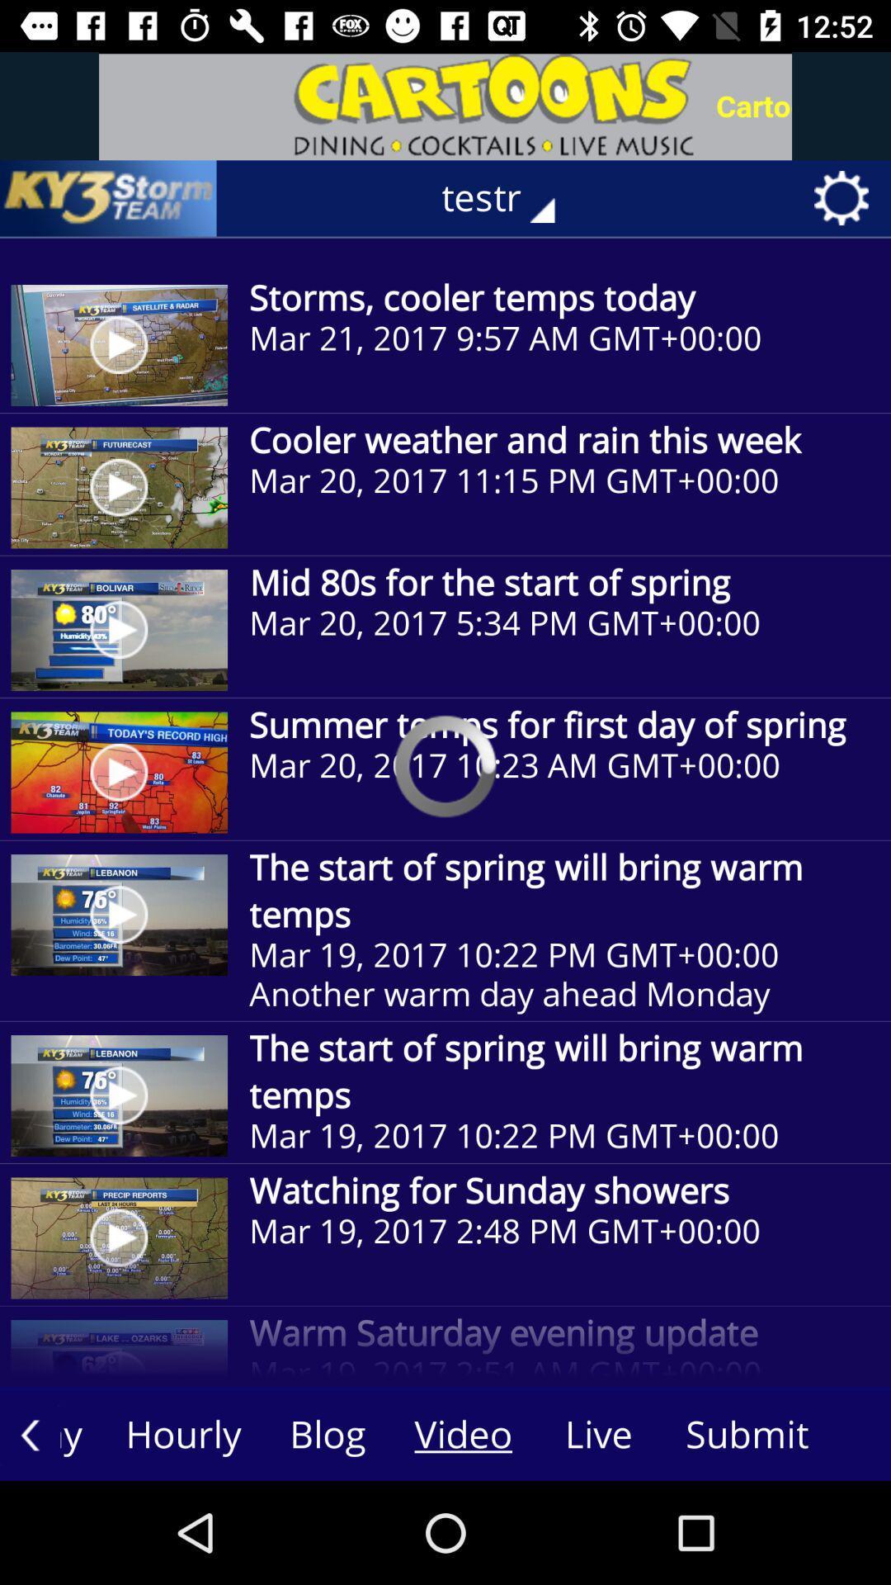  Describe the element at coordinates (108, 198) in the screenshot. I see `icon next to the testr icon` at that location.